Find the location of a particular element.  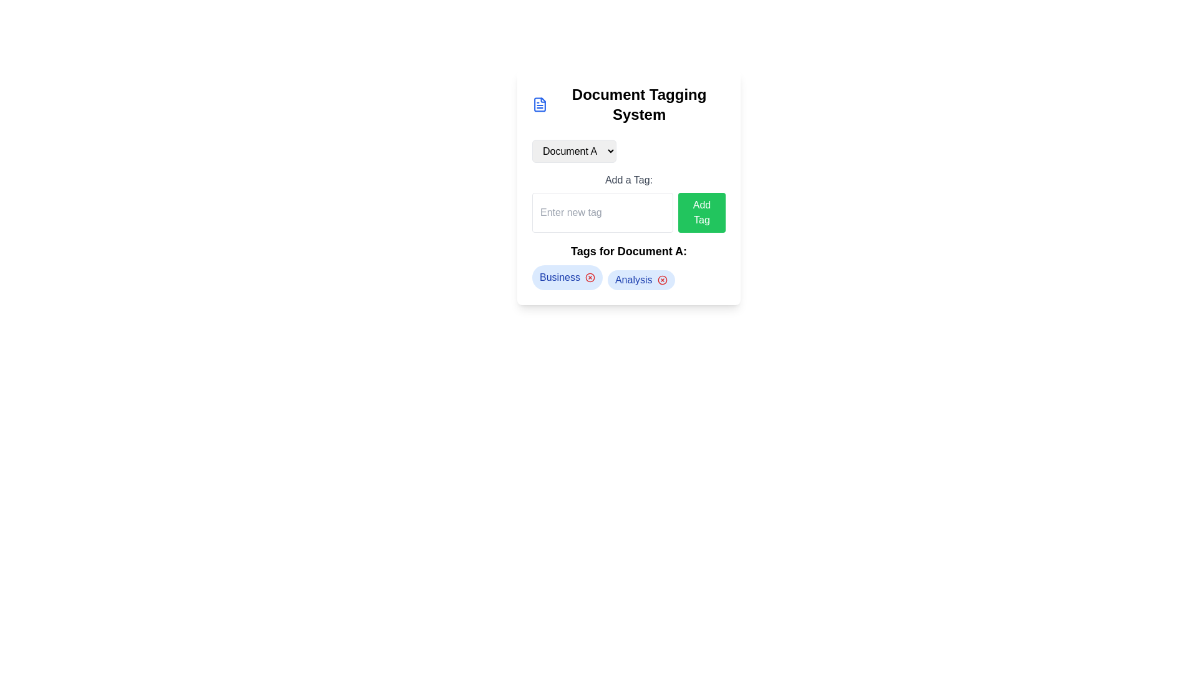

the blue file icon resembling a page with a folded corner, located to the left of the 'Document Tagging System' header is located at coordinates (540, 104).